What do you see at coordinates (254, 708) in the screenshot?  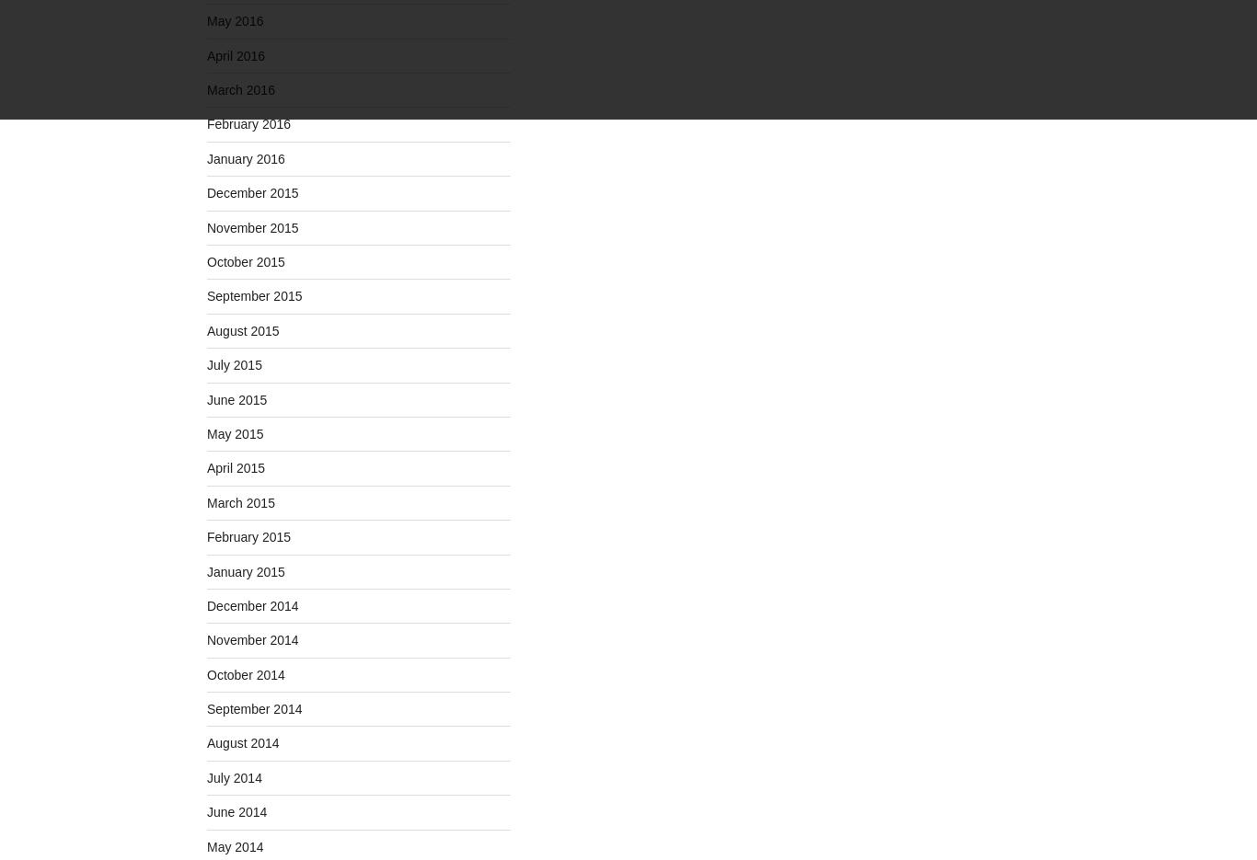 I see `'September 2014'` at bounding box center [254, 708].